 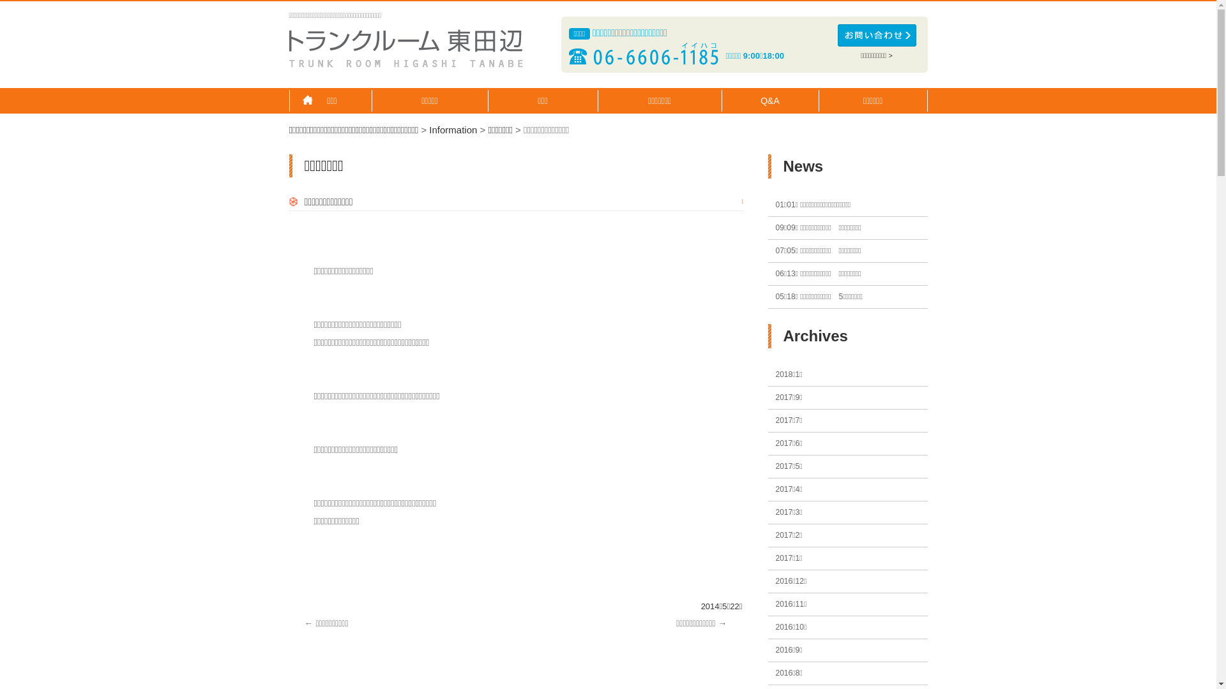 I want to click on 'Information', so click(x=429, y=130).